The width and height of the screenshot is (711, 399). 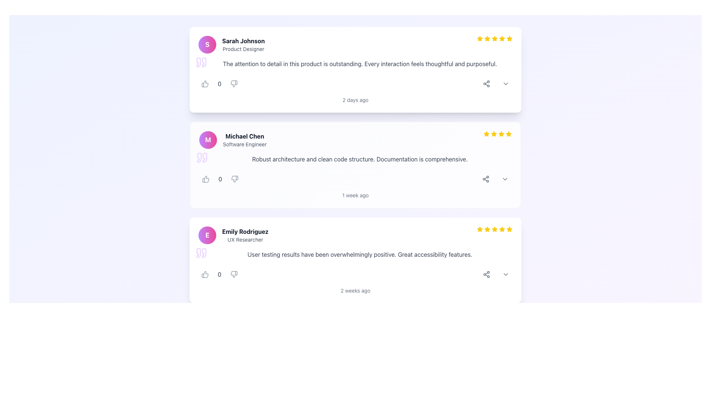 I want to click on the second yellow star icon in the top-right corner of Emily Rodriguez's review card, so click(x=487, y=229).